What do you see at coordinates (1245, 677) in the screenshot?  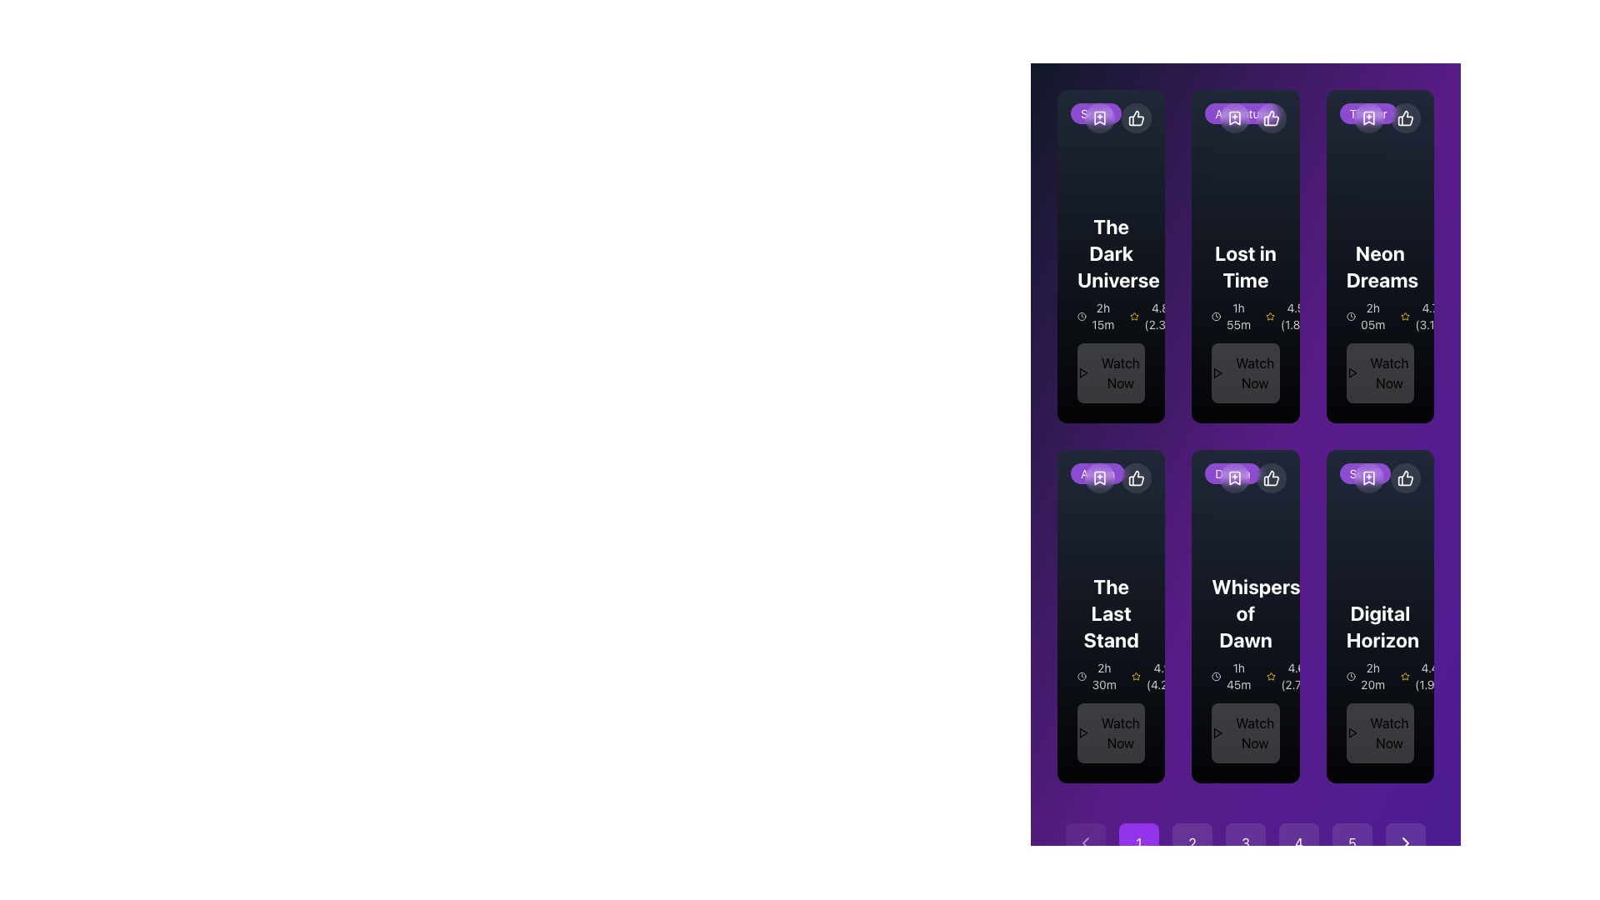 I see `the movie duration and rating information displayed in the Informational display beneath the title of the 'Whispers of Dawn' card` at bounding box center [1245, 677].